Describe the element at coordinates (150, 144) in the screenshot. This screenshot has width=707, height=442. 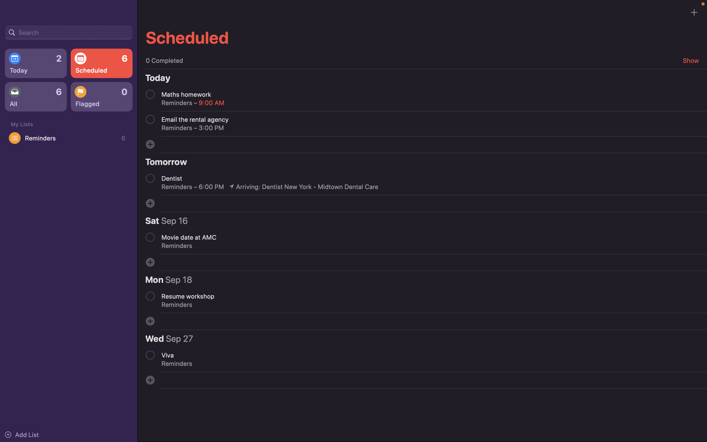
I see `Organize a discussion with clients for the following week` at that location.